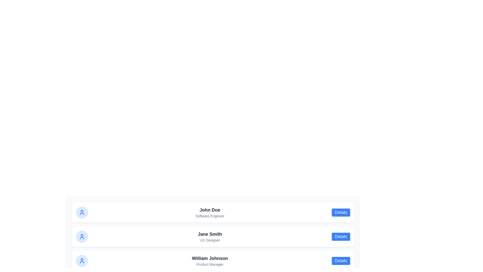  Describe the element at coordinates (213, 261) in the screenshot. I see `the profile summary card for William Johnson, which is the third card in a vertically stacked list` at that location.